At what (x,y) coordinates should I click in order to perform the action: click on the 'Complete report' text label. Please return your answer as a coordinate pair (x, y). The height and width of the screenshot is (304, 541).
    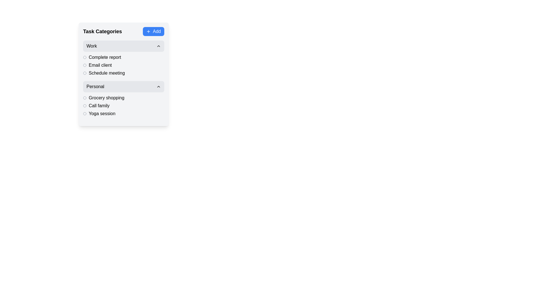
    Looking at the image, I should click on (105, 57).